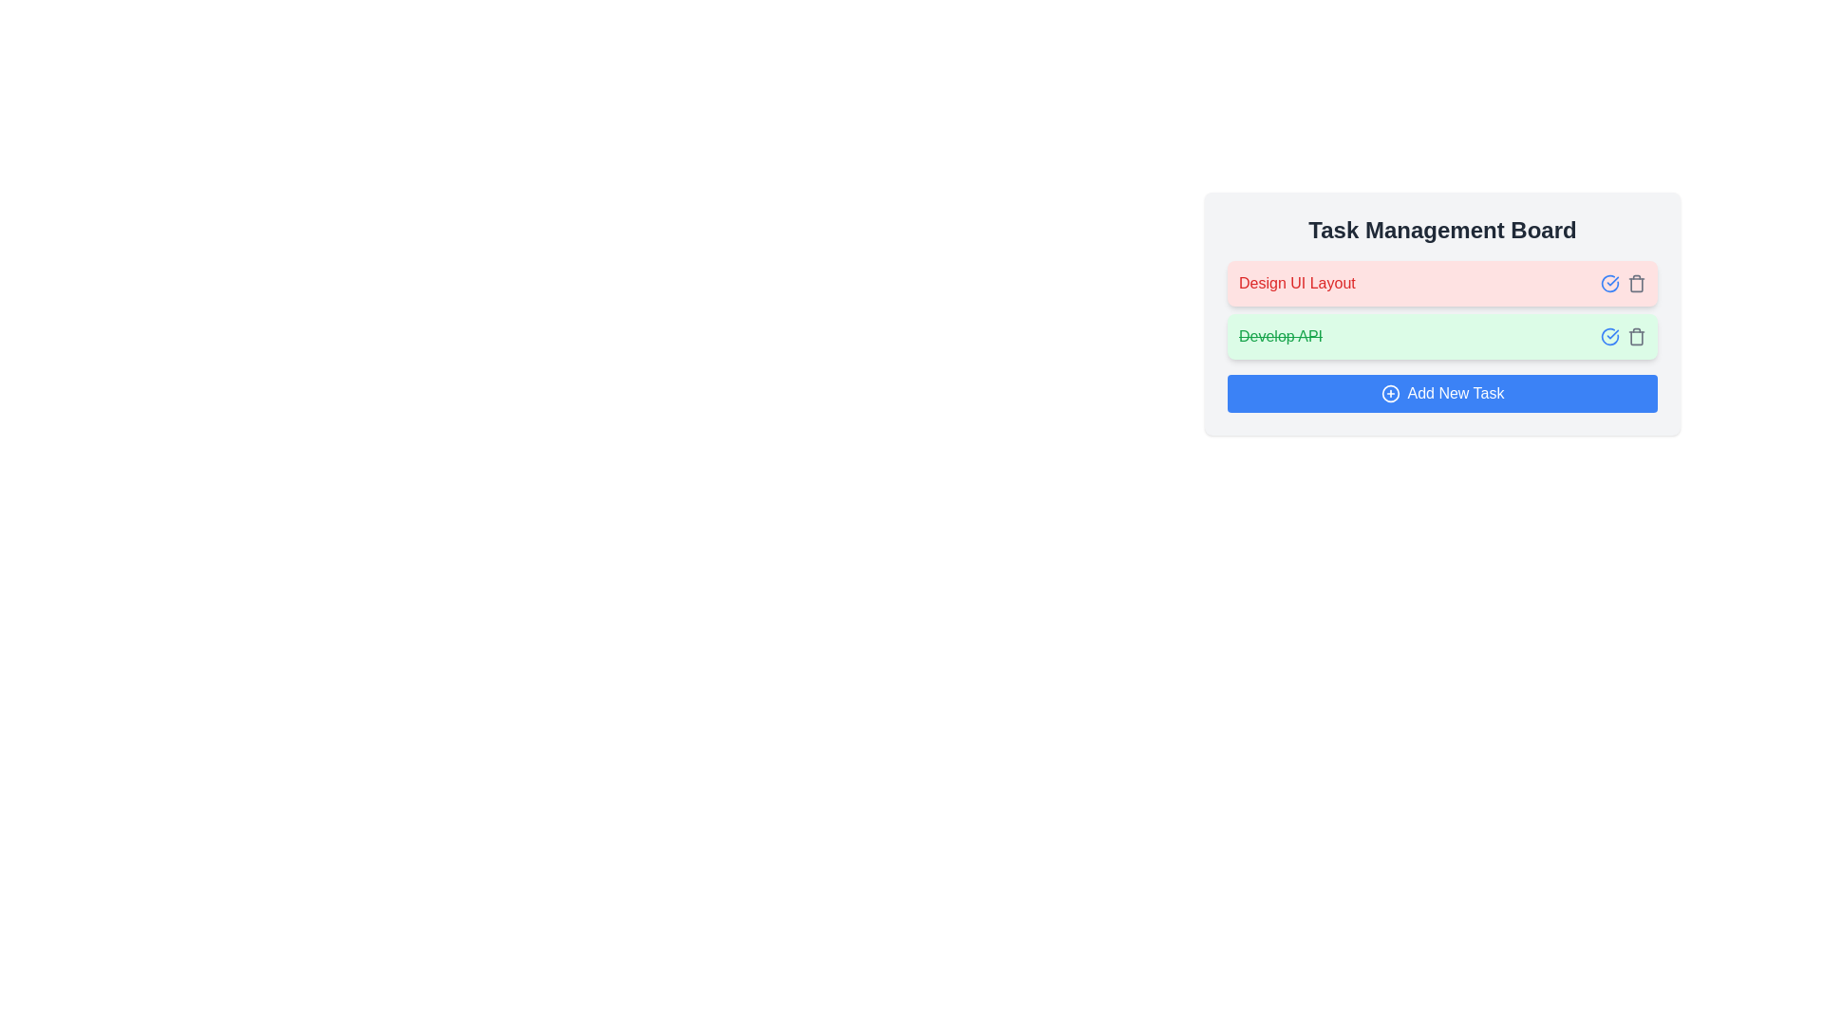  Describe the element at coordinates (1622, 284) in the screenshot. I see `the blue circular checkmark icon in the top-right corner of the 'Design UI Layout' task card` at that location.